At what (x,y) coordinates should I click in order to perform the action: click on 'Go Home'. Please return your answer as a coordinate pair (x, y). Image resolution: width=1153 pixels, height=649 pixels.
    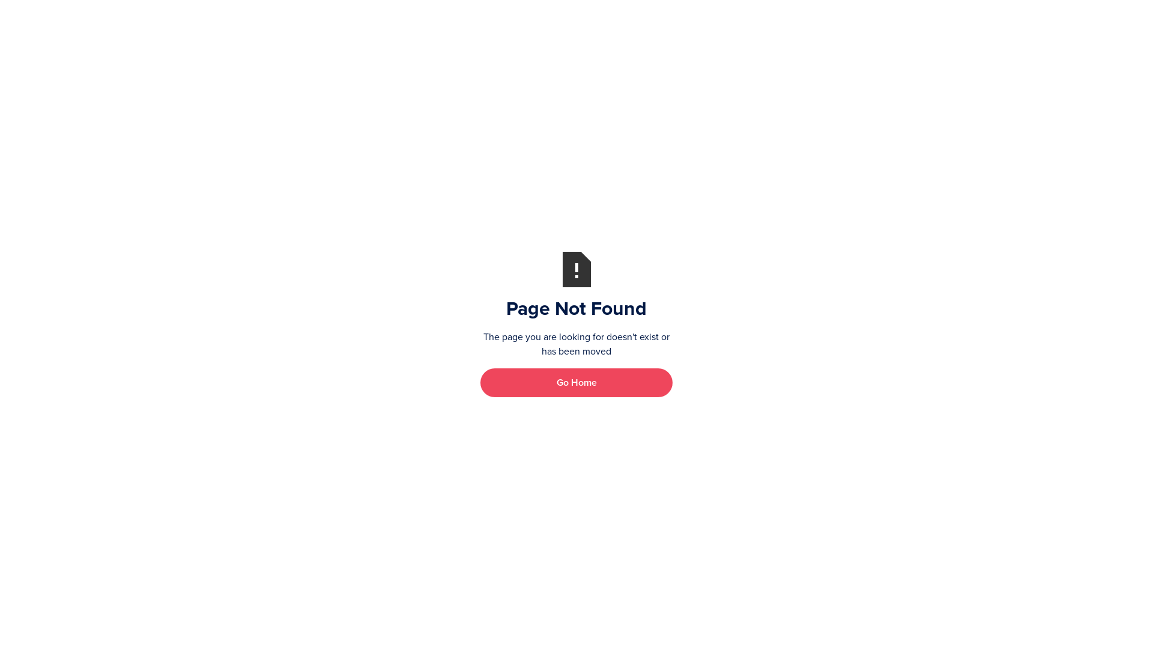
    Looking at the image, I should click on (576, 382).